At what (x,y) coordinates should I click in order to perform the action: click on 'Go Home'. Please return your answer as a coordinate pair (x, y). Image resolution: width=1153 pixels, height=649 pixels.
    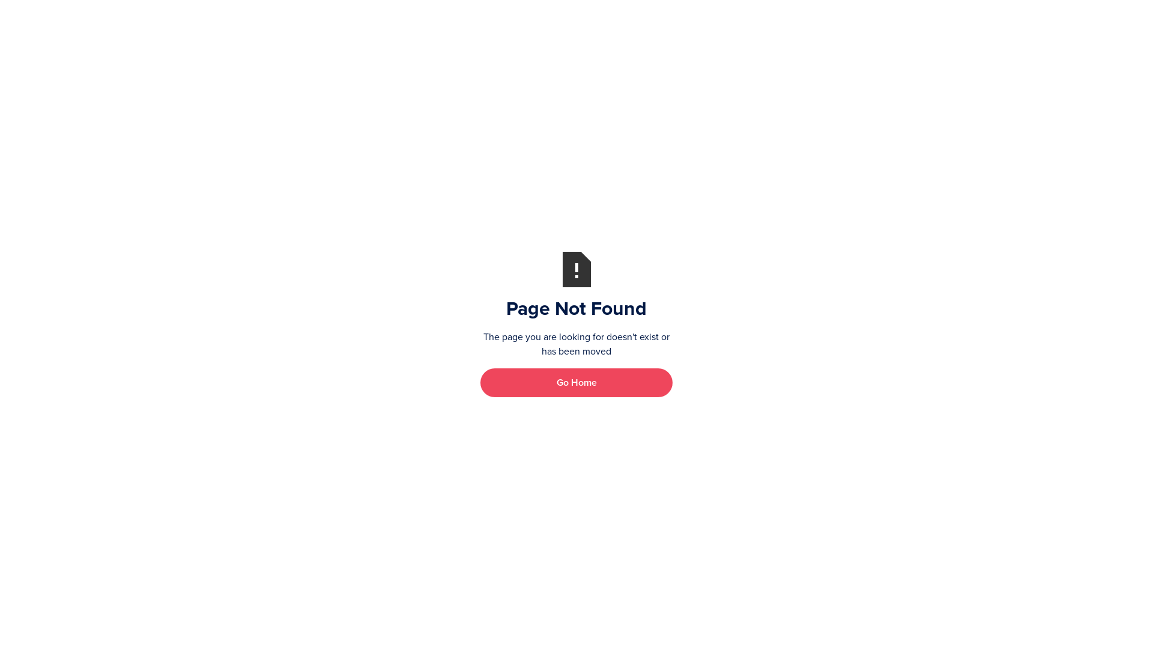
    Looking at the image, I should click on (576, 382).